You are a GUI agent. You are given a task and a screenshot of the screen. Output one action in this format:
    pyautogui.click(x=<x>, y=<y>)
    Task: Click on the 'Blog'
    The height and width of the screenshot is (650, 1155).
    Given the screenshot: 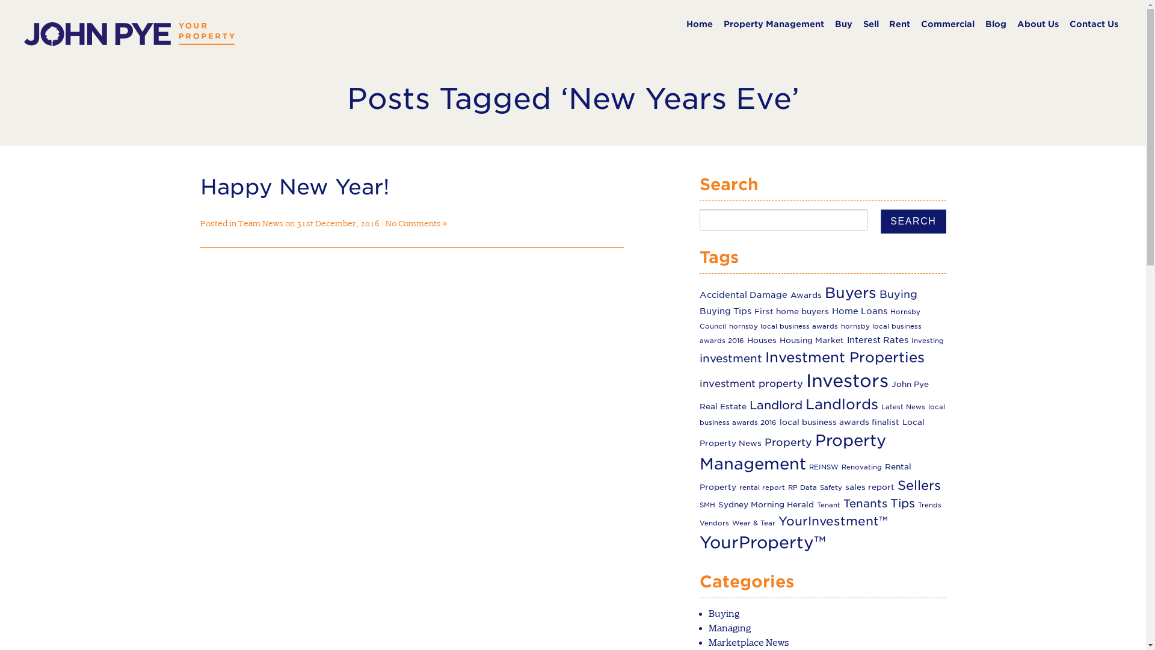 What is the action you would take?
    pyautogui.click(x=996, y=23)
    